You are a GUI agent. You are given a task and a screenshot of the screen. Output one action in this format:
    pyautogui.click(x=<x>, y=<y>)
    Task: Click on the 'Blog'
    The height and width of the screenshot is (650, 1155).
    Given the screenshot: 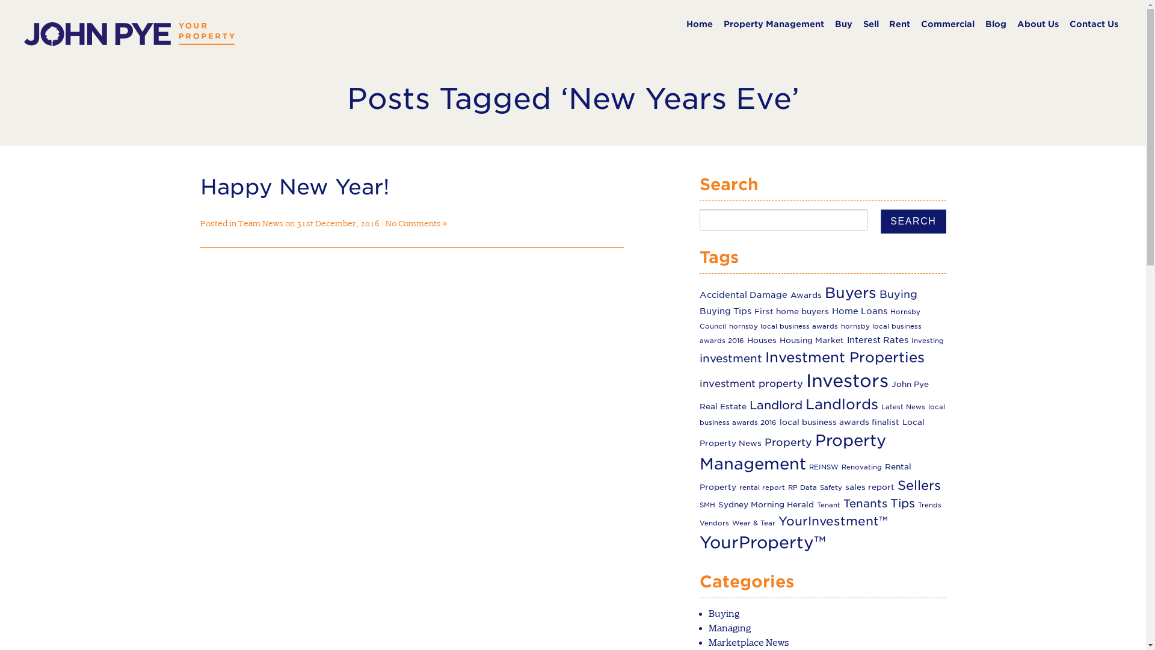 What is the action you would take?
    pyautogui.click(x=996, y=23)
    